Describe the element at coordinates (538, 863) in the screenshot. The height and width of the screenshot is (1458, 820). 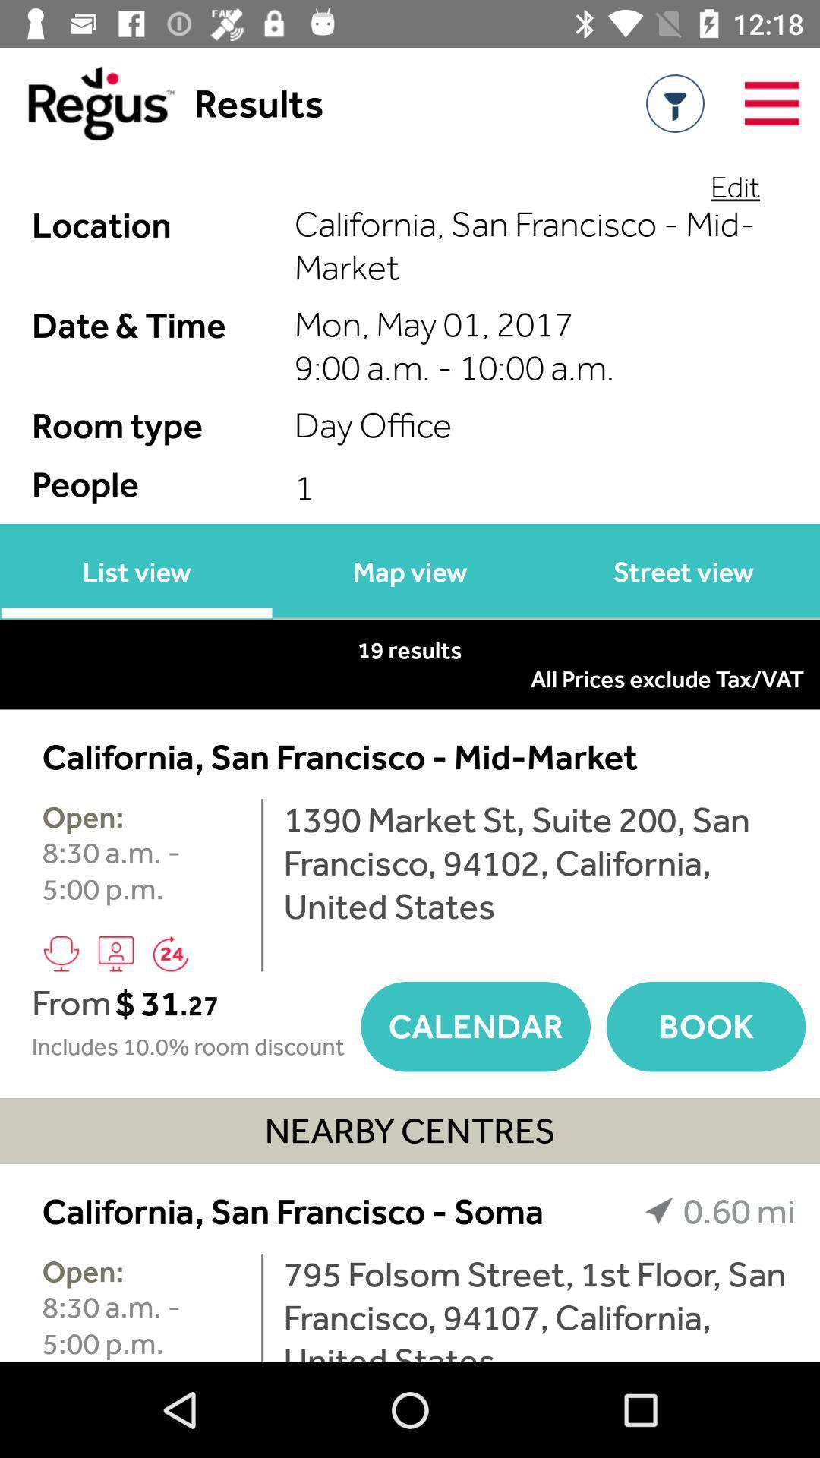
I see `icon below california san francisco item` at that location.